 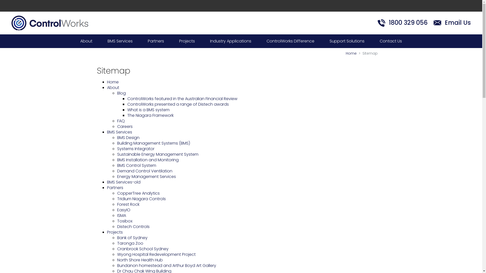 I want to click on 'Bundanon homestead and Arthur Boyd Art Gallery', so click(x=166, y=265).